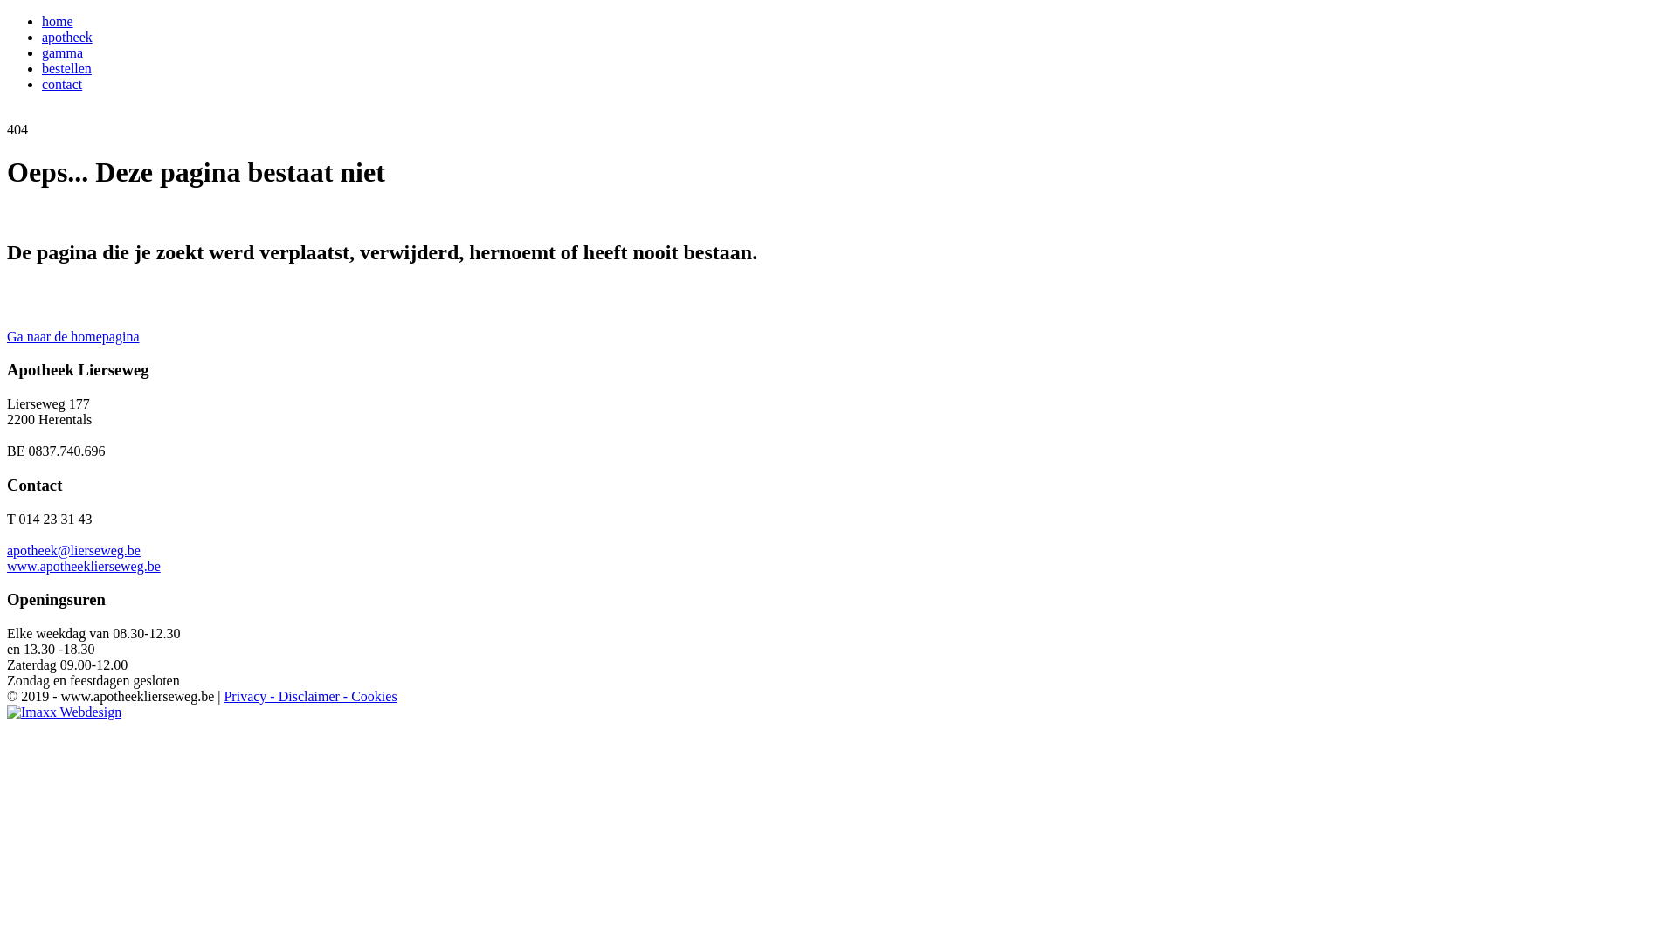 The width and height of the screenshot is (1677, 943). I want to click on 'Ga naar de homepagina', so click(72, 336).